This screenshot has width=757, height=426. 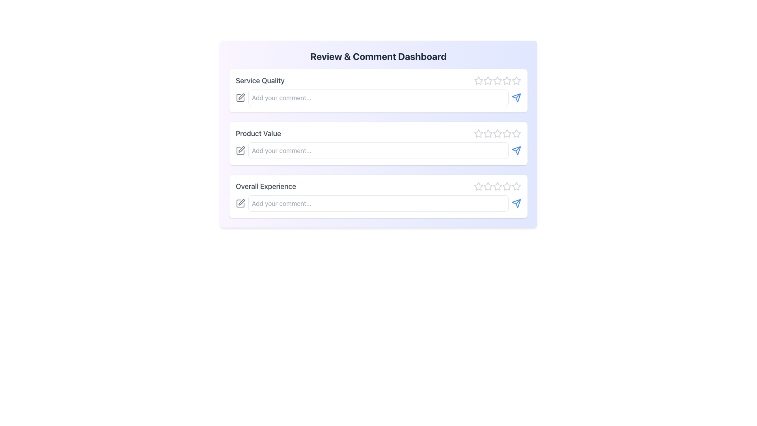 What do you see at coordinates (507, 133) in the screenshot?
I see `the fourth star in the 'Product Value' section of the rating system to rate it` at bounding box center [507, 133].